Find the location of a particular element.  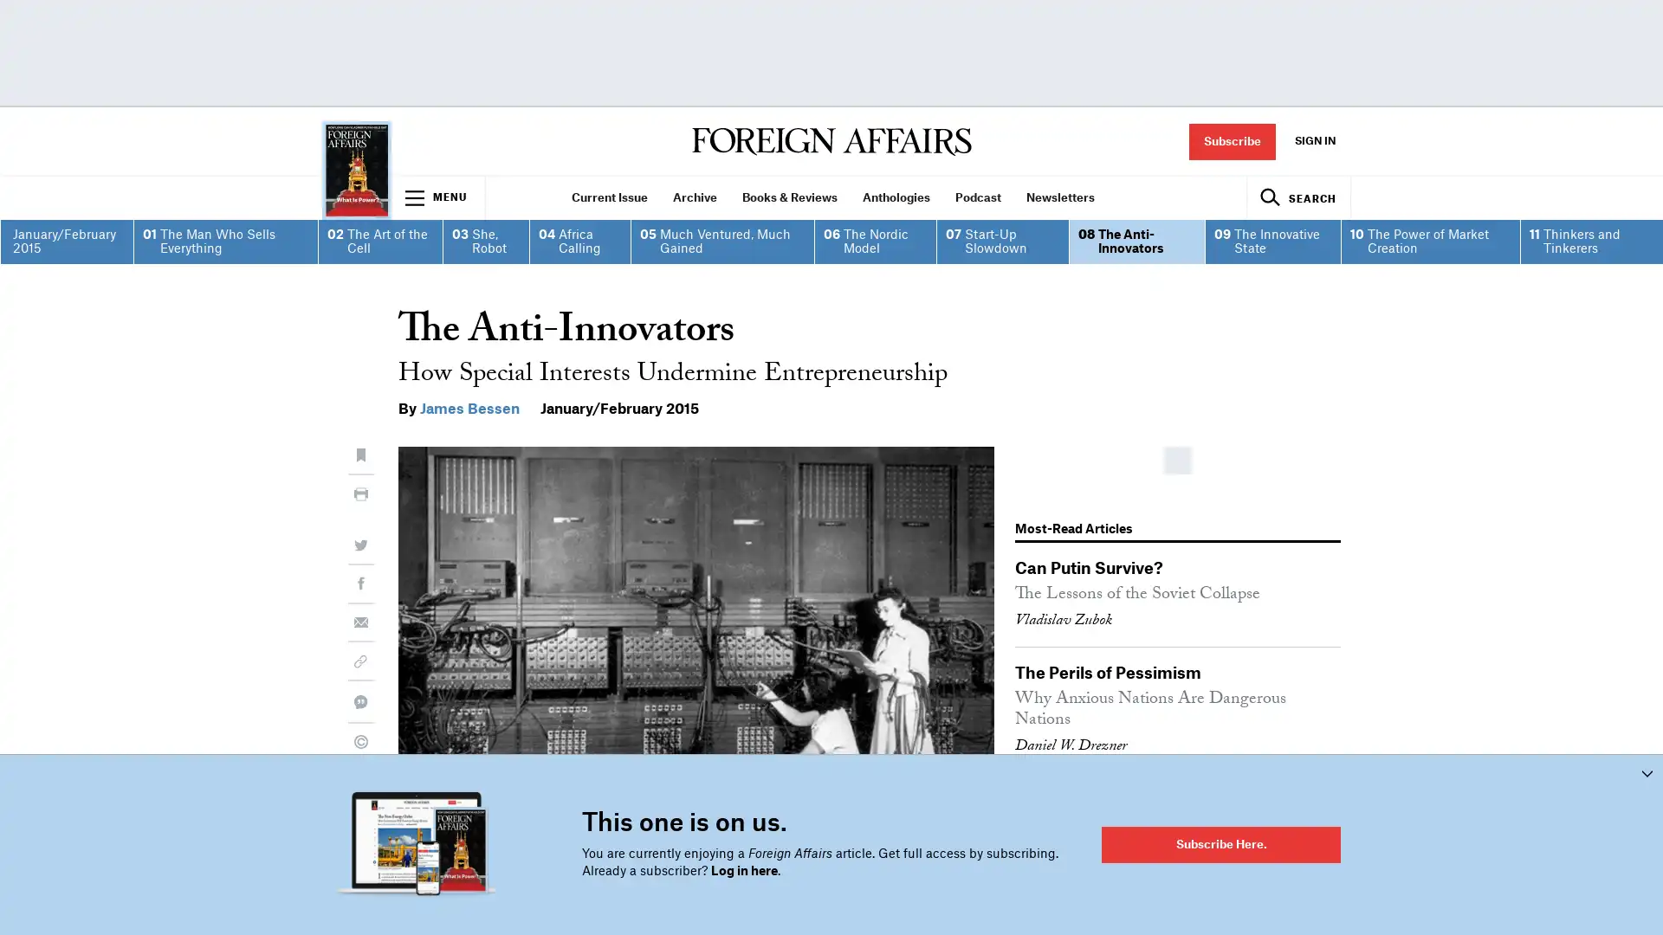

Get the Newsletter is located at coordinates (831, 661).